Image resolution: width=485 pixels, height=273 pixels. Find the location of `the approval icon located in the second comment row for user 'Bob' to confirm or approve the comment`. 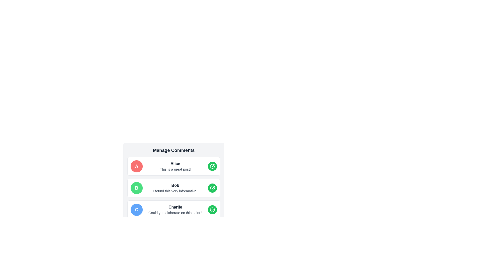

the approval icon located in the second comment row for user 'Bob' to confirm or approve the comment is located at coordinates (212, 188).